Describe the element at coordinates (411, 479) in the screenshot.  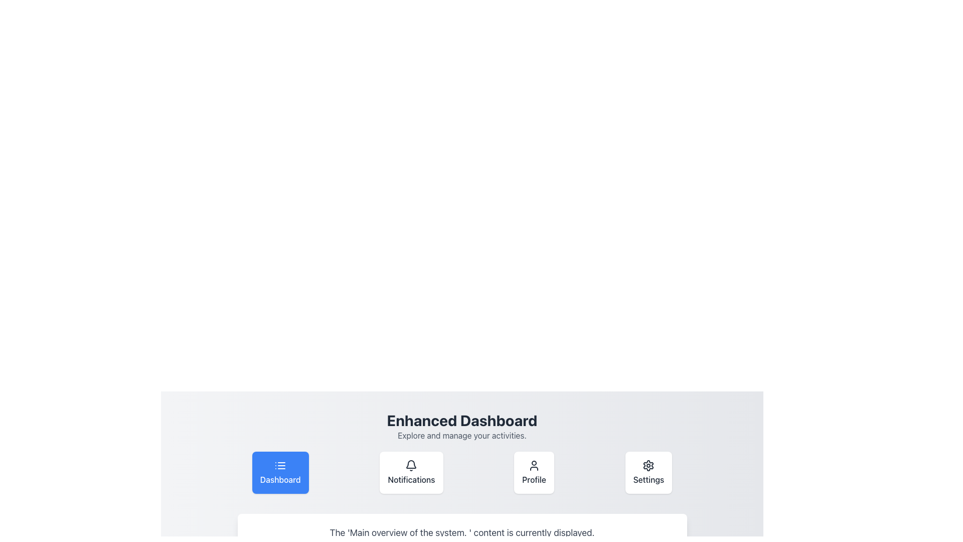
I see `the label providing textual information associated with the 'Notifications' section, located below the bell icon in the second card from the left` at that location.